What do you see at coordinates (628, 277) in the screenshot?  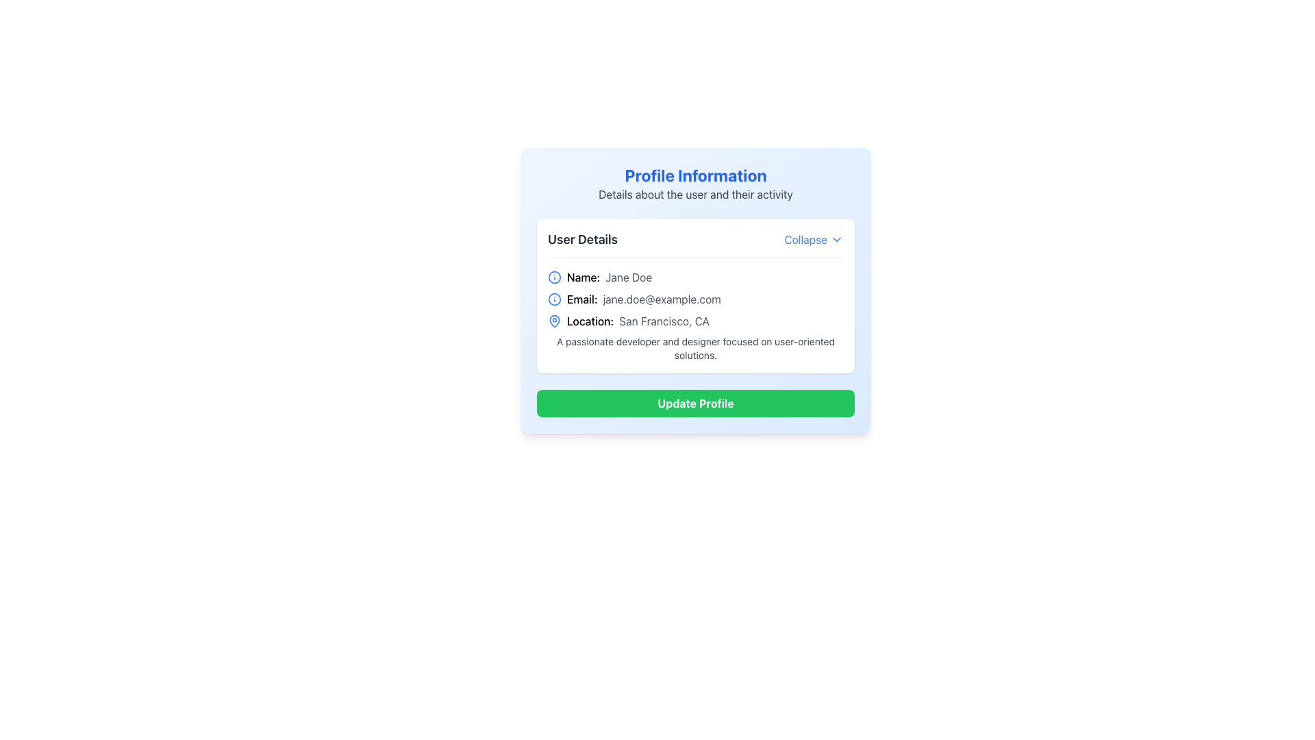 I see `name displayed in the static text element showing 'Jane Doe', which is located to the right of the 'Name:' label in the 'User Details' section` at bounding box center [628, 277].